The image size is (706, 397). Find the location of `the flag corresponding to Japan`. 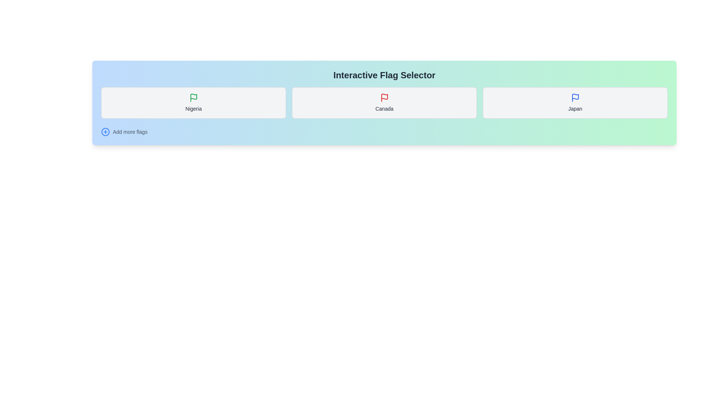

the flag corresponding to Japan is located at coordinates (575, 103).